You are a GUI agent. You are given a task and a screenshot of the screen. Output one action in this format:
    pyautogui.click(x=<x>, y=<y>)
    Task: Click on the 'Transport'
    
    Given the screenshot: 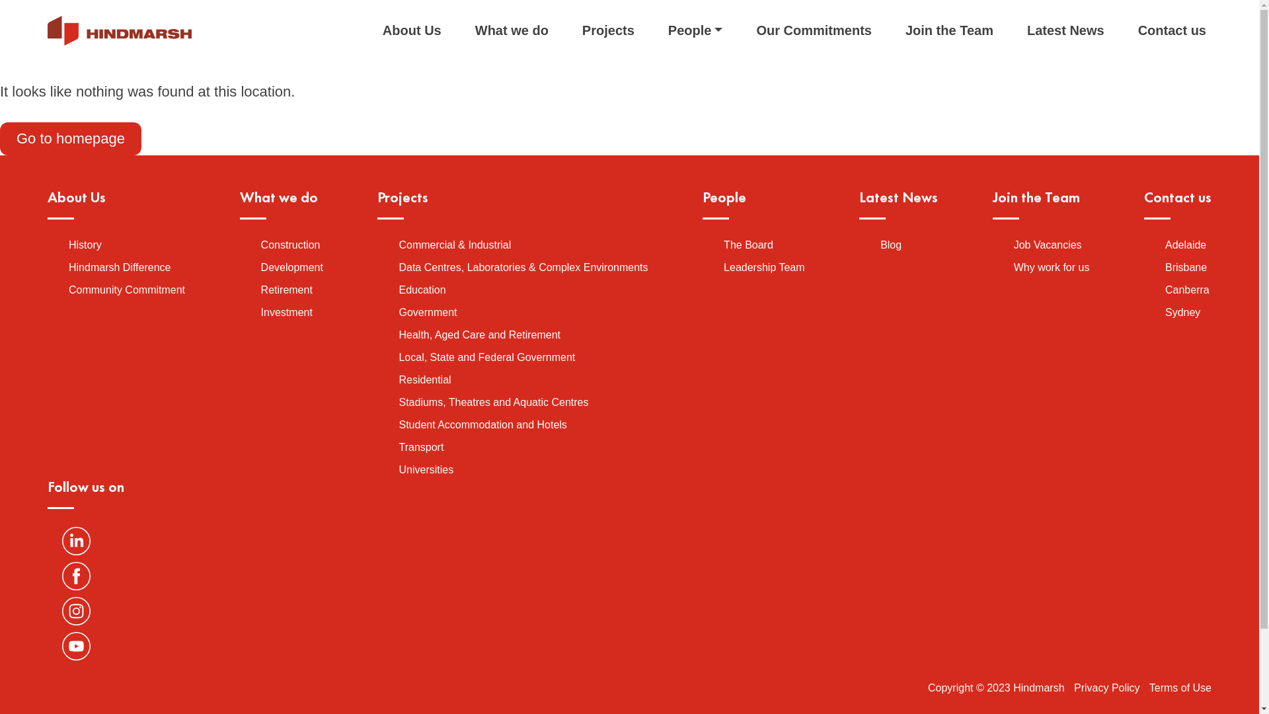 What is the action you would take?
    pyautogui.click(x=420, y=446)
    